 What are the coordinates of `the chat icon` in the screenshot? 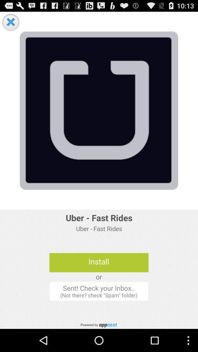 It's located at (49, 55).